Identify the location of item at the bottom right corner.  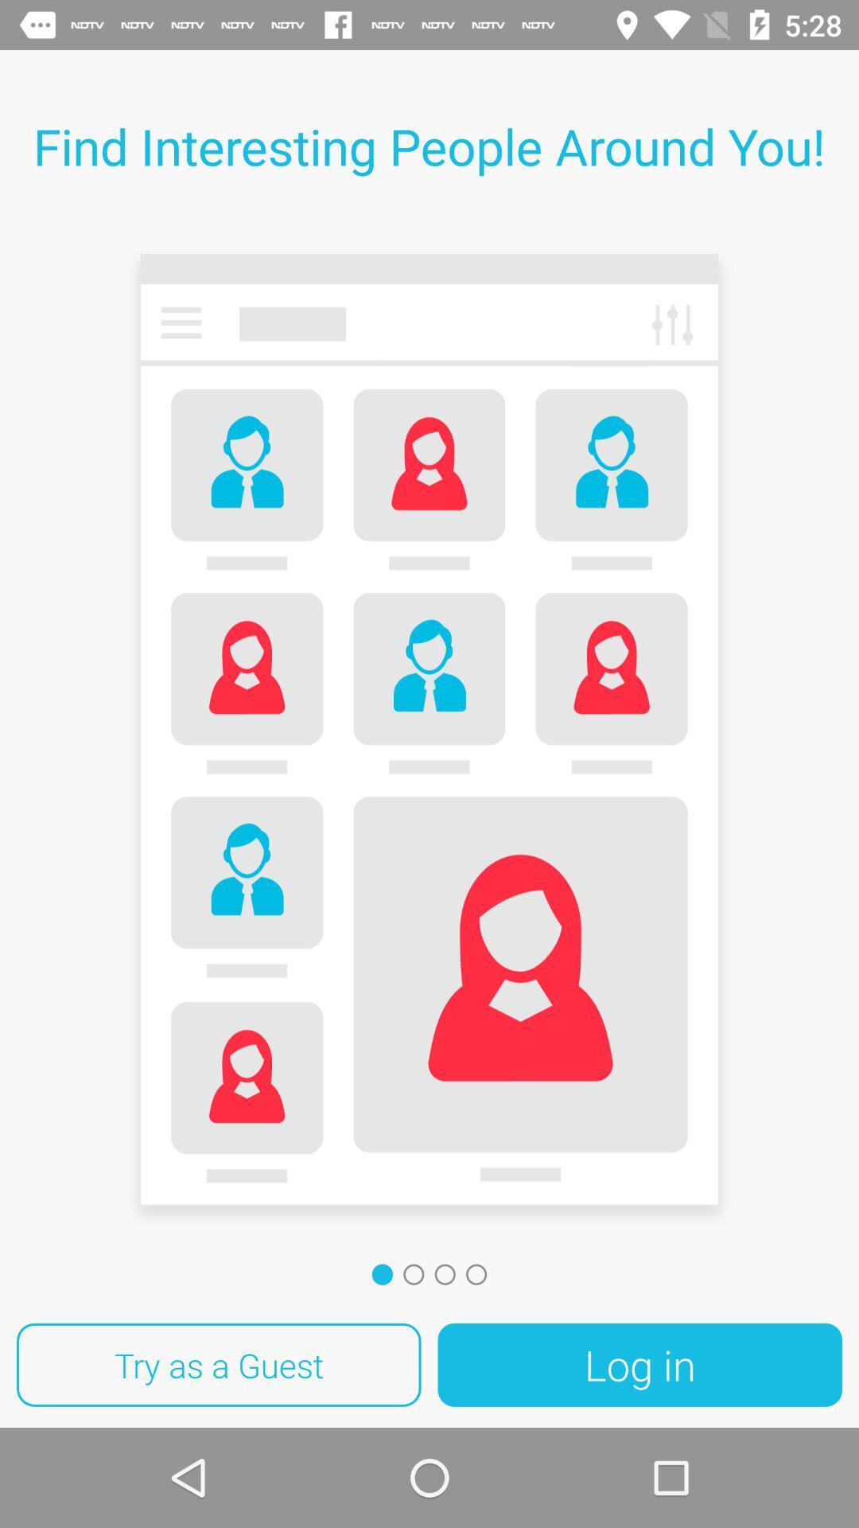
(639, 1364).